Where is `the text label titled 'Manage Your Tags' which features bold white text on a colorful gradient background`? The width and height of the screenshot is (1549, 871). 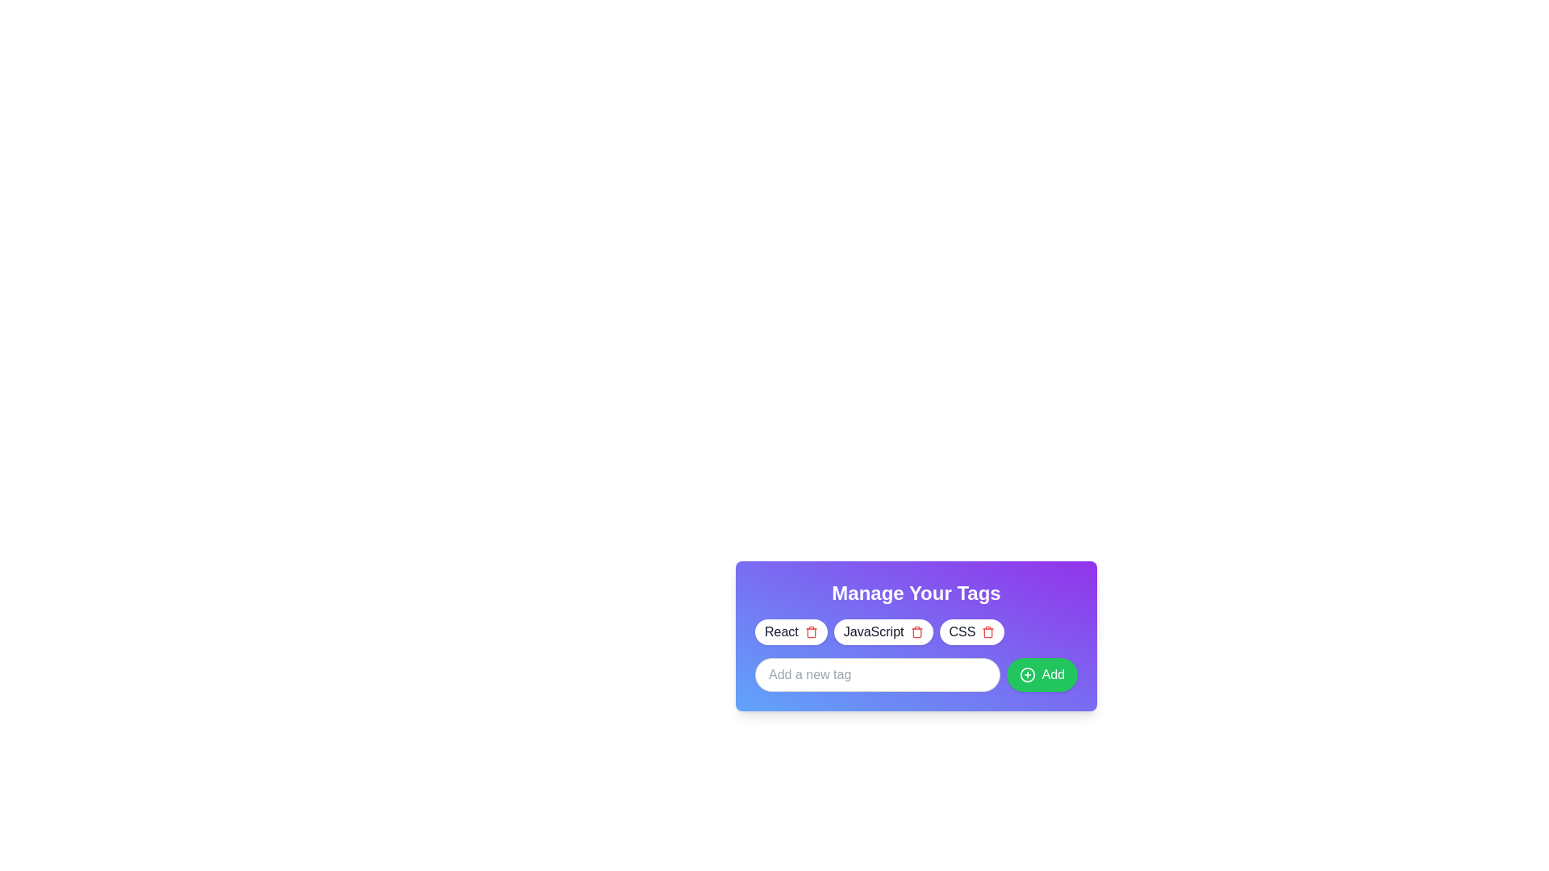
the text label titled 'Manage Your Tags' which features bold white text on a colorful gradient background is located at coordinates (916, 594).